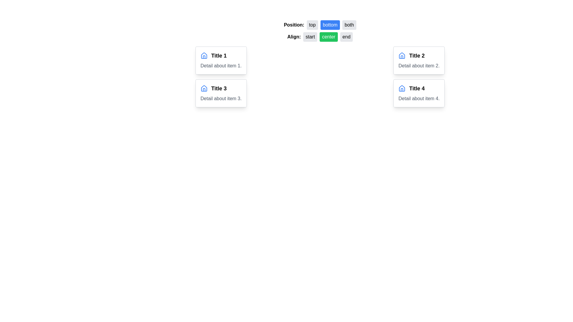 The height and width of the screenshot is (322, 573). What do you see at coordinates (417, 55) in the screenshot?
I see `text label displaying 'Title 2' located in the second card of the right column, which is styled with a bold and large font` at bounding box center [417, 55].